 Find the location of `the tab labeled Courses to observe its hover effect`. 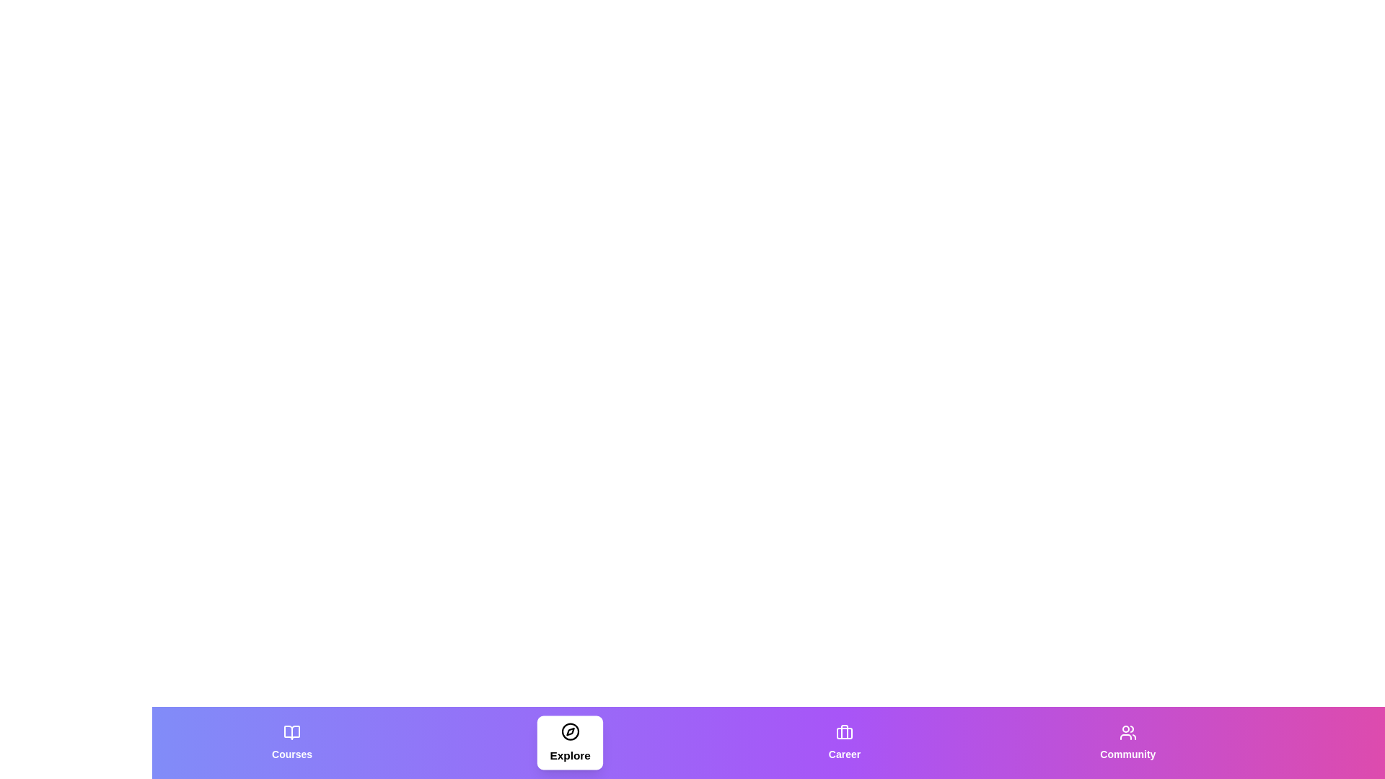

the tab labeled Courses to observe its hover effect is located at coordinates (291, 742).